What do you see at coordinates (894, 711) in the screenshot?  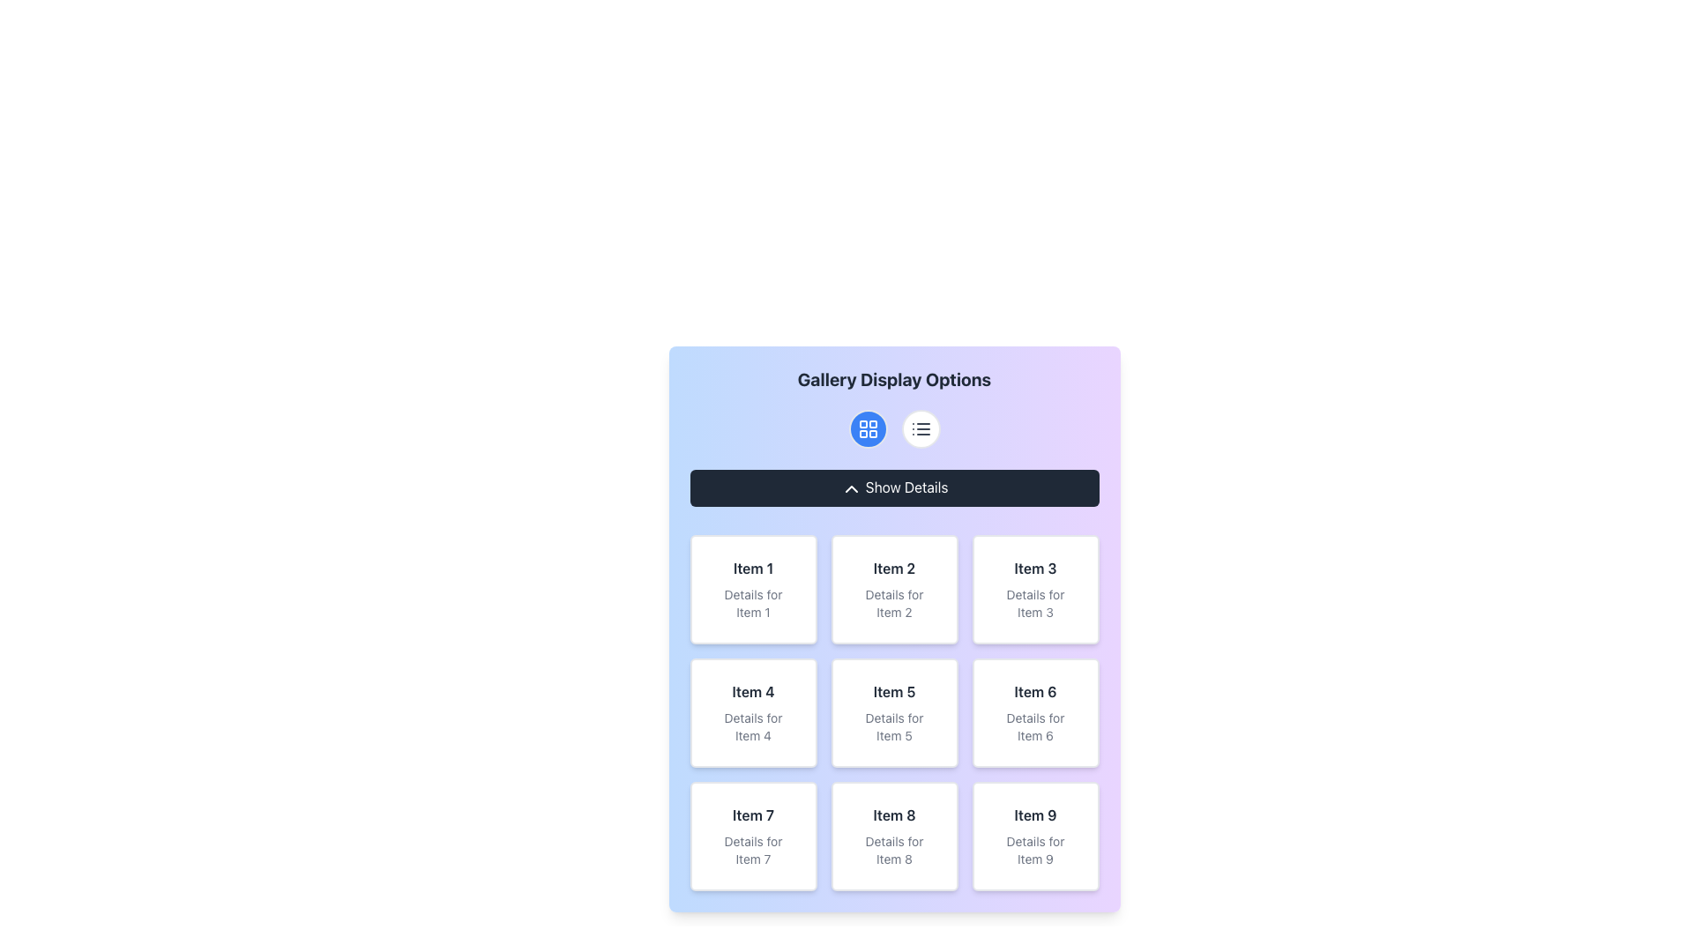 I see `the informational card displaying details about 'Item 5', which is located in the center of a 3x3 grid layout` at bounding box center [894, 711].